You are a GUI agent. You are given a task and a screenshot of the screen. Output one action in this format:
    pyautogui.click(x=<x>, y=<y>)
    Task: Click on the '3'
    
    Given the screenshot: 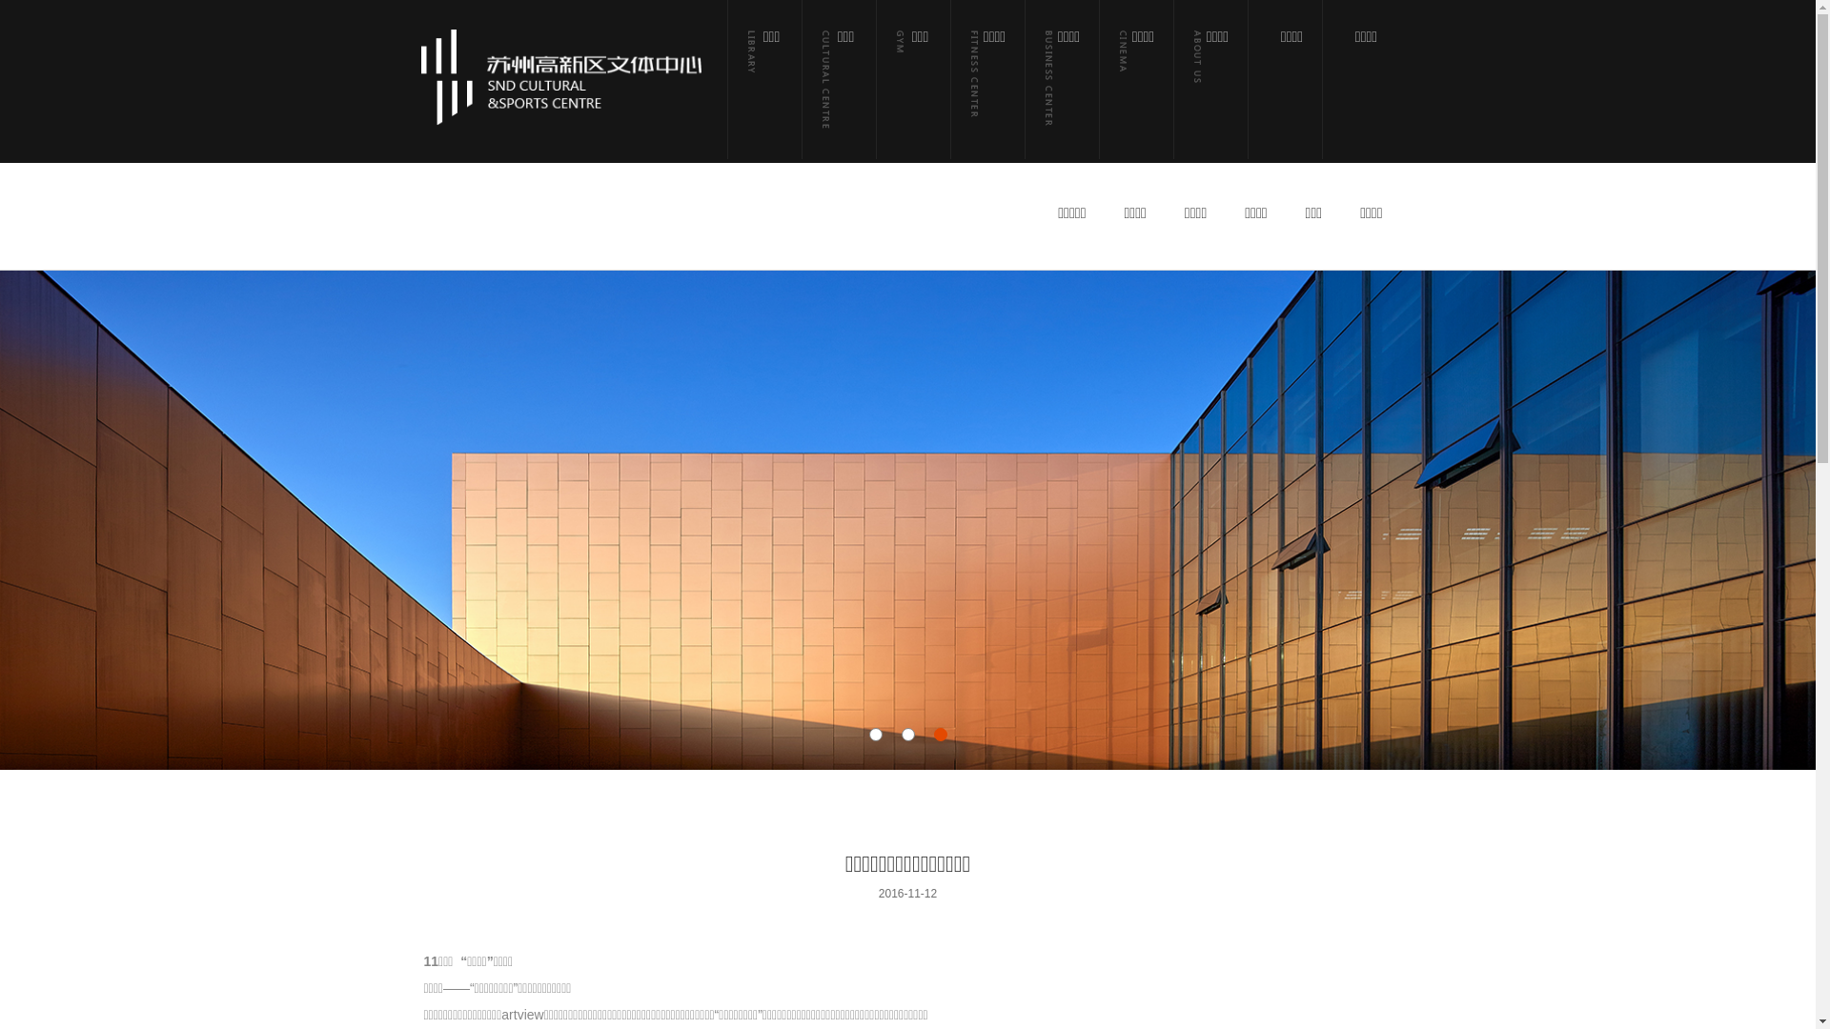 What is the action you would take?
    pyautogui.click(x=941, y=734)
    